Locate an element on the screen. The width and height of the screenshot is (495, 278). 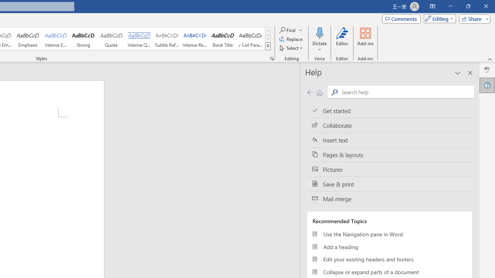
'Close pane' is located at coordinates (470, 73).